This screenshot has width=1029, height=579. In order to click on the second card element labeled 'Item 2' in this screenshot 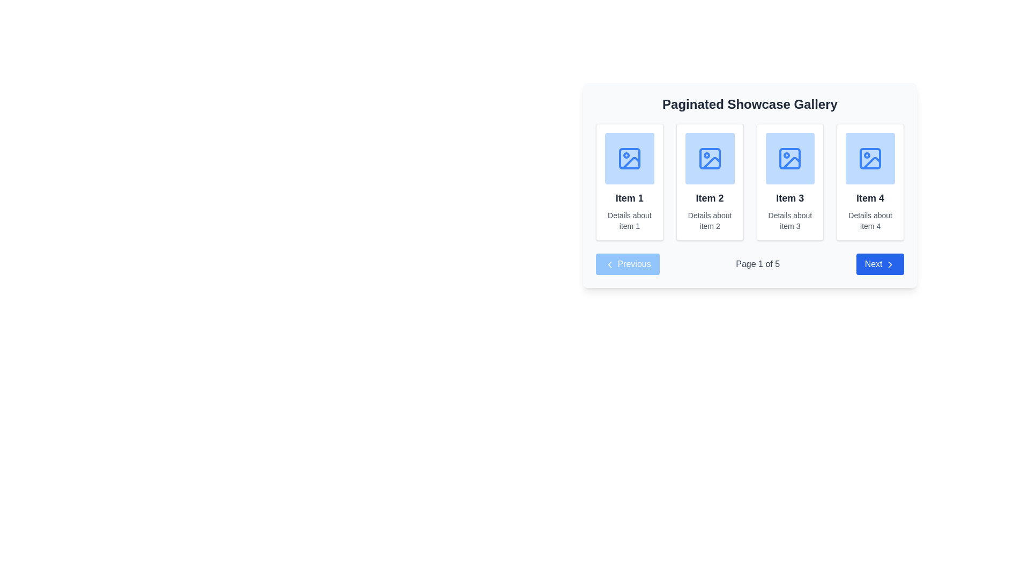, I will do `click(749, 185)`.